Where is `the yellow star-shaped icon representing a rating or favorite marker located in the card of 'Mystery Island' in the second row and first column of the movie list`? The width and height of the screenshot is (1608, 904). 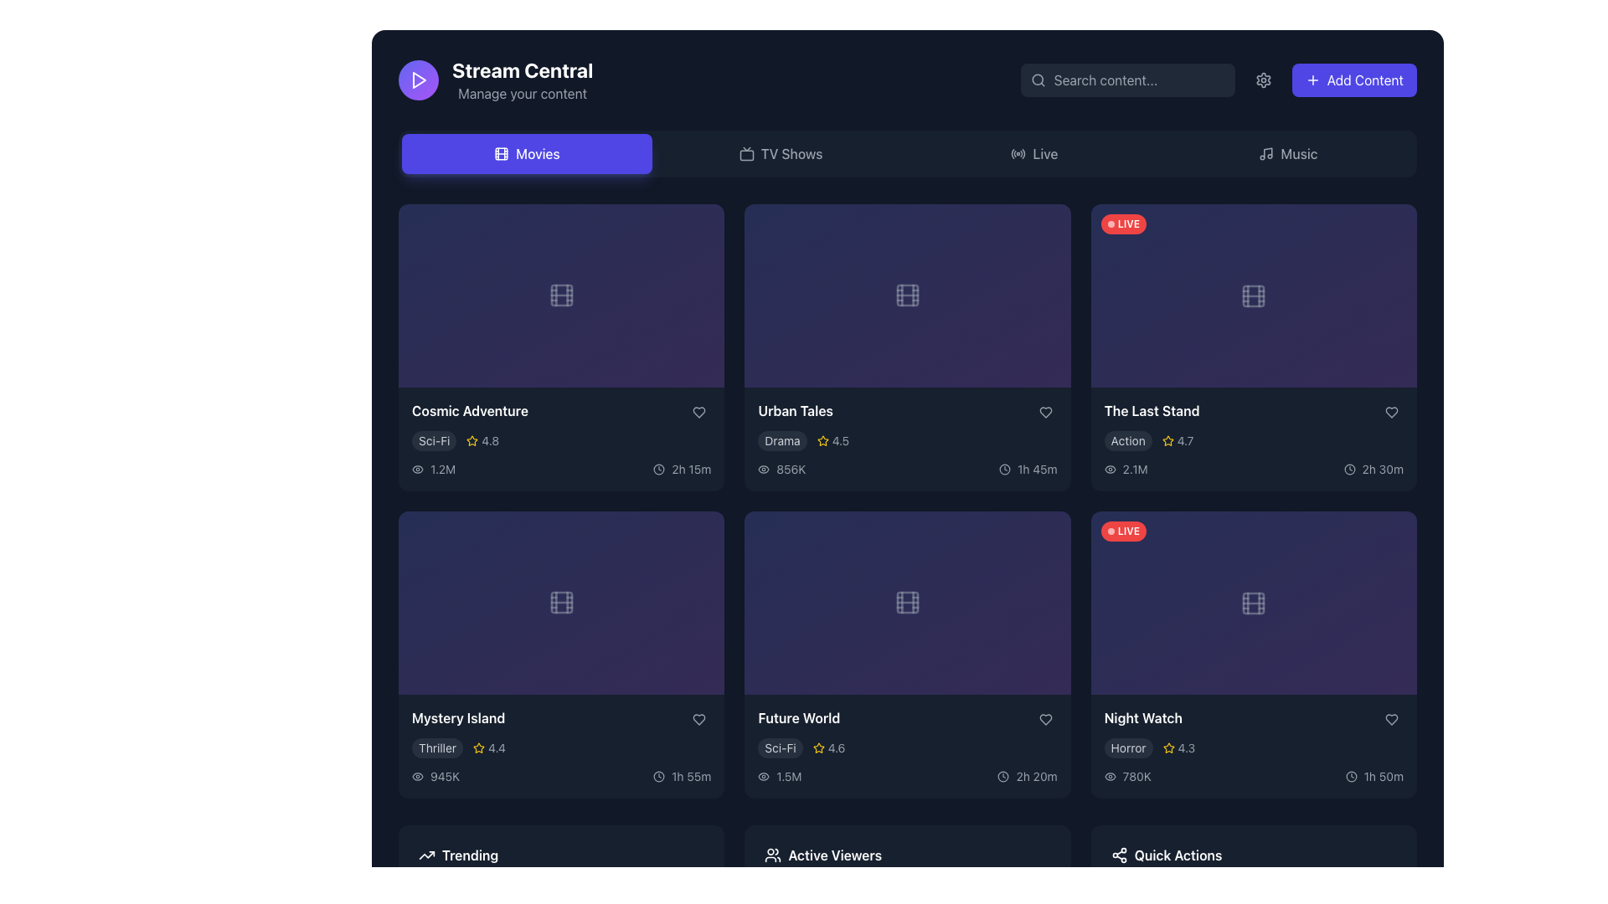
the yellow star-shaped icon representing a rating or favorite marker located in the card of 'Mystery Island' in the second row and first column of the movie list is located at coordinates (478, 747).